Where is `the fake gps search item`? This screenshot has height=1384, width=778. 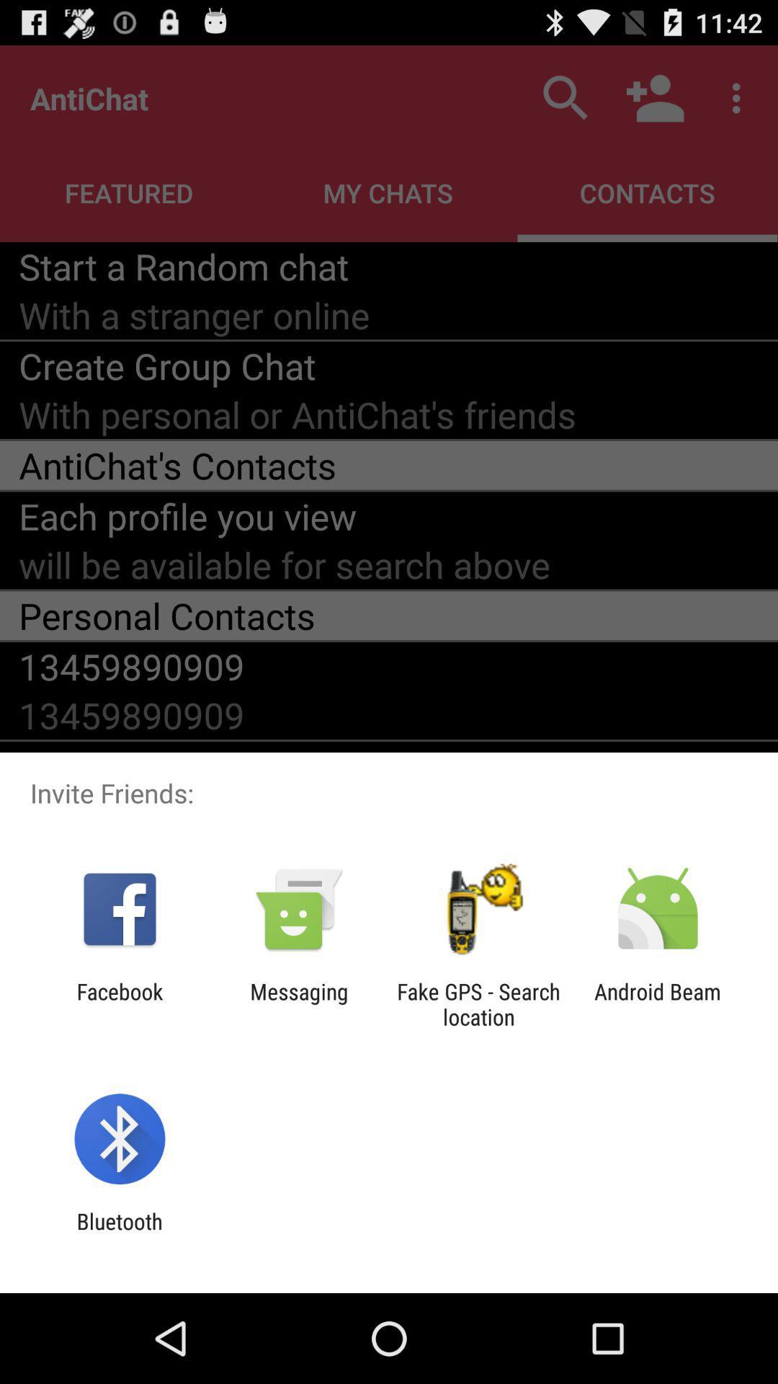
the fake gps search item is located at coordinates (478, 1003).